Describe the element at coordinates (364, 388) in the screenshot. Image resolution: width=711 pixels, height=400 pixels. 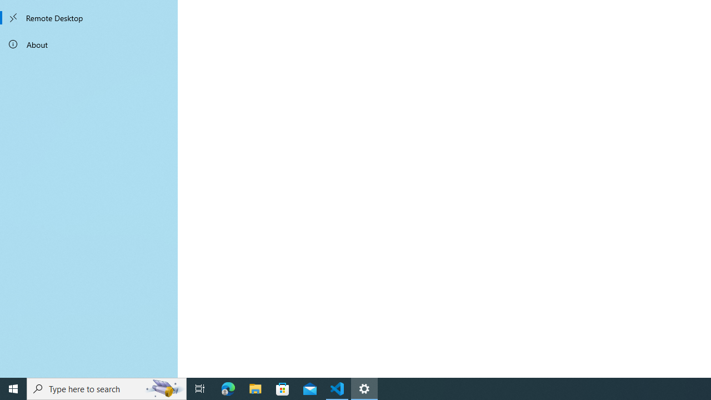
I see `'Settings - 1 running window'` at that location.